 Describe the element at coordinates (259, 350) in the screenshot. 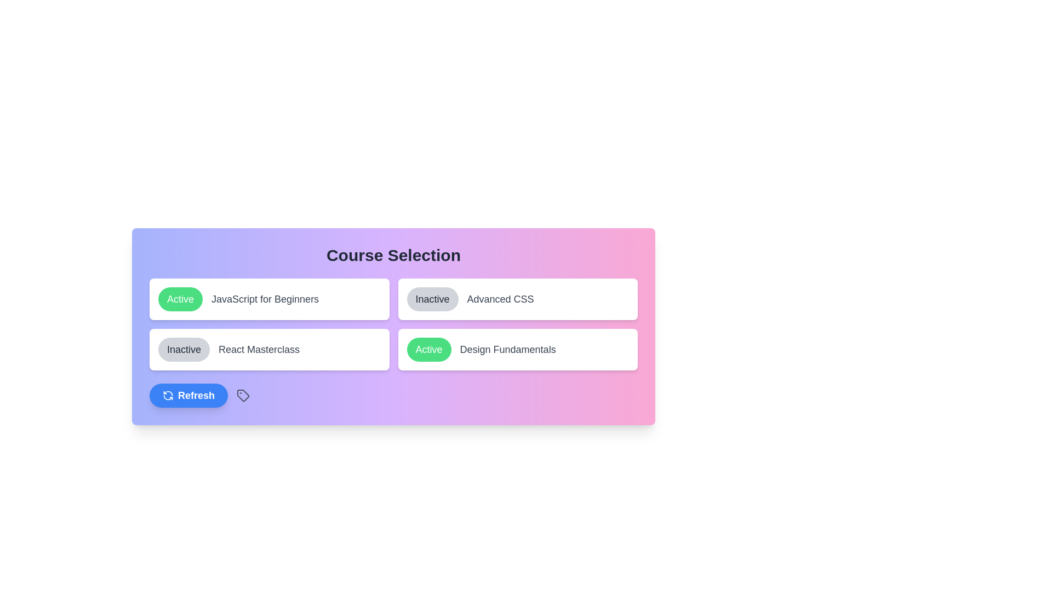

I see `the text label displaying 'React Masterclass', which is part of the course selection interface and is positioned adjacent to the 'Inactive' button` at that location.